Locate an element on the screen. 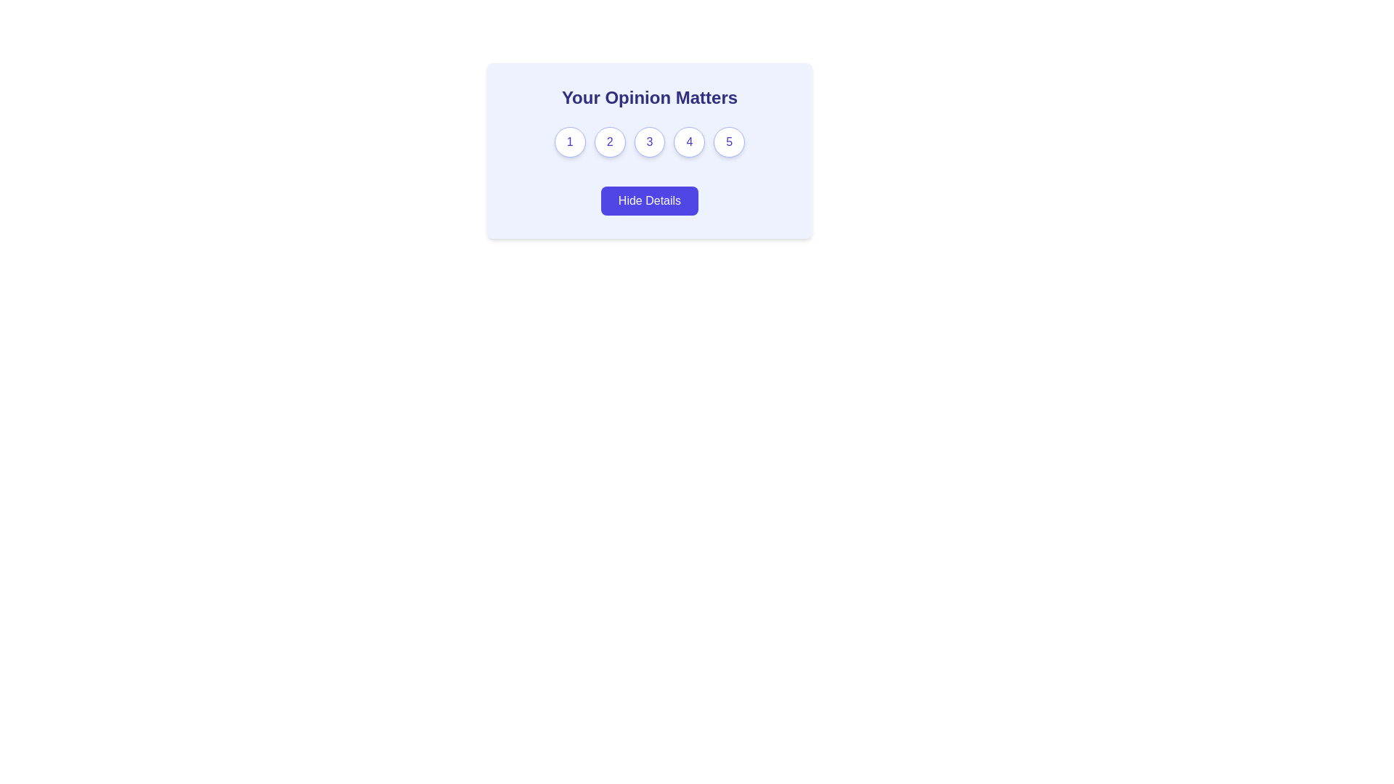 The width and height of the screenshot is (1394, 784). the text element that reads 'Your Opinion Matters', which is styled in bold, medium font and centered alignment, located at the top of a card-like structure is located at coordinates (648, 98).